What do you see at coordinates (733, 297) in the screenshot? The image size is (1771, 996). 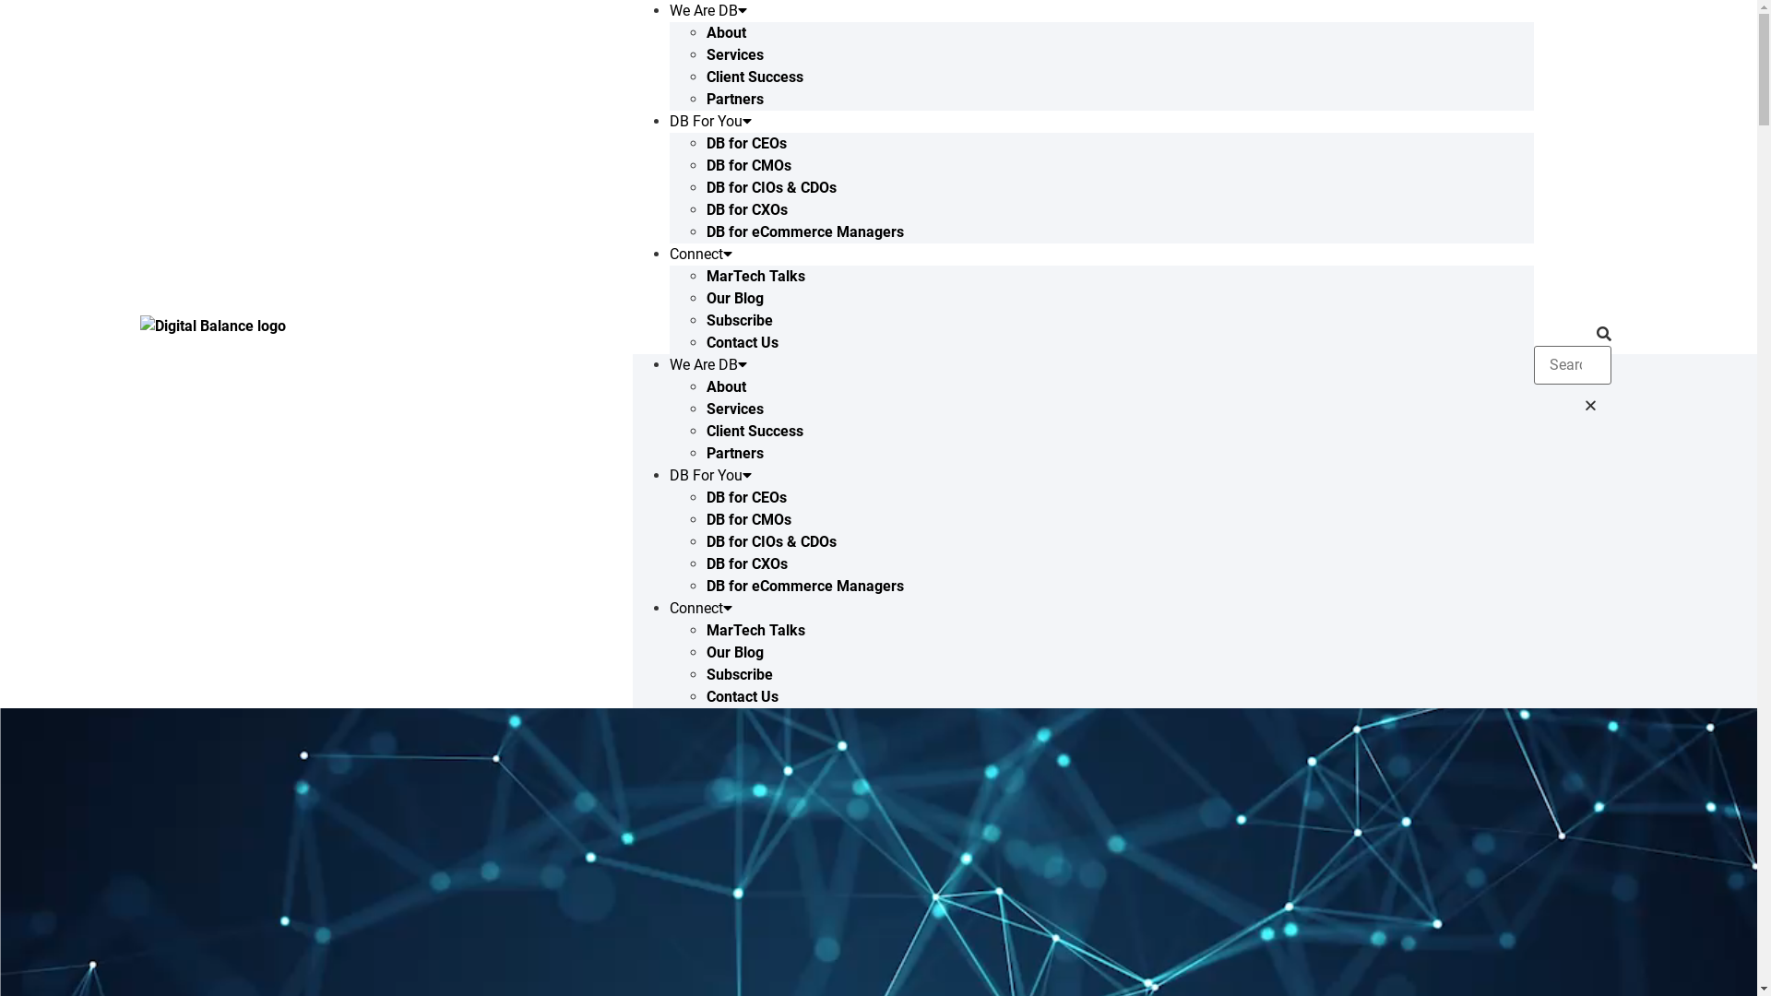 I see `'Our Blog'` at bounding box center [733, 297].